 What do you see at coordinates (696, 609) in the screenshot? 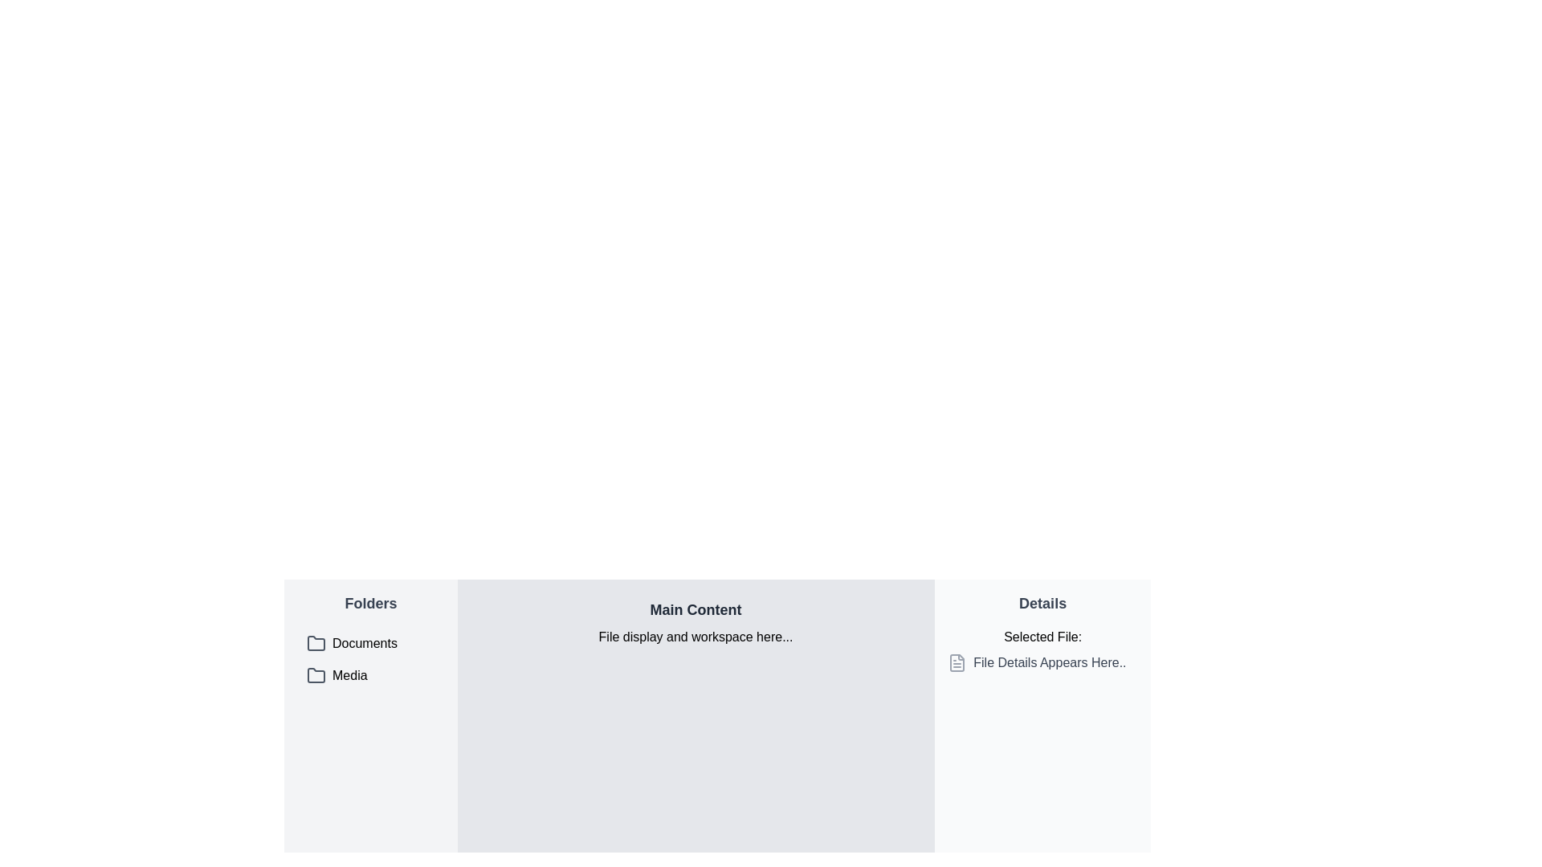
I see `the Text Label that serves as a title or heading for the main content area, located above the text 'File display and workspace here...'` at bounding box center [696, 609].